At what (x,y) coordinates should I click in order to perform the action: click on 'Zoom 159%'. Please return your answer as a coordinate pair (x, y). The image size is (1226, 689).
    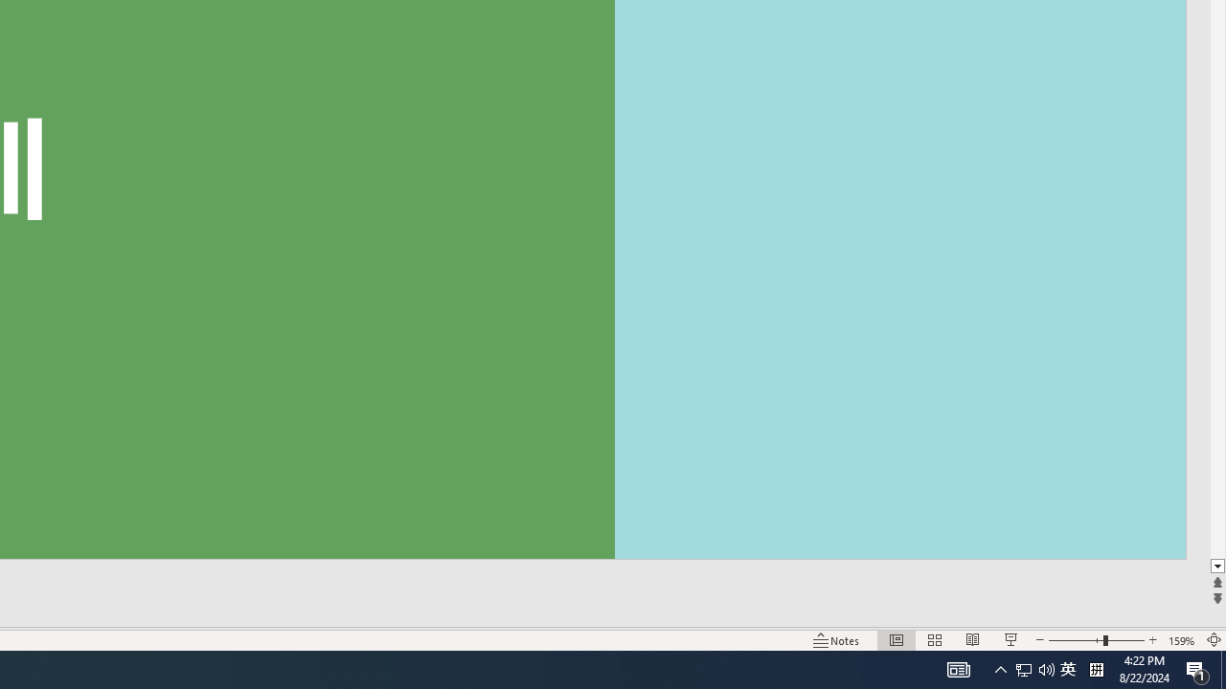
    Looking at the image, I should click on (1181, 640).